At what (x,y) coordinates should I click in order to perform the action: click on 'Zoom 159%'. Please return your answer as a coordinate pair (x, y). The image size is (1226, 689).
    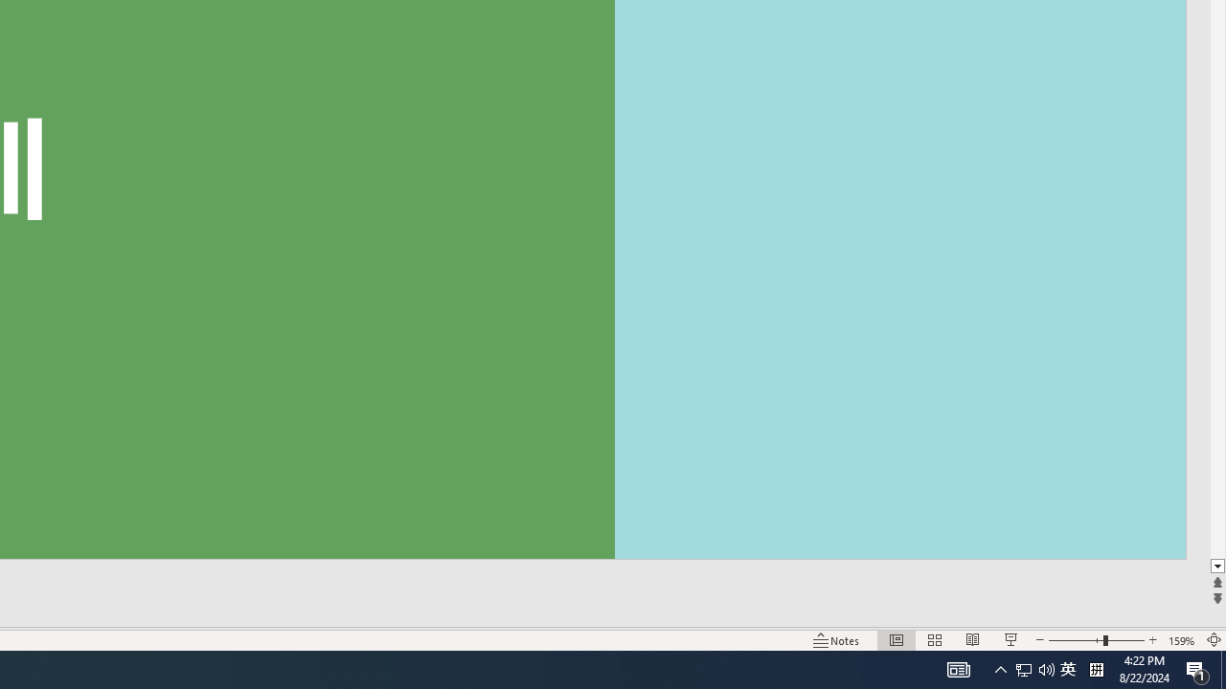
    Looking at the image, I should click on (1181, 640).